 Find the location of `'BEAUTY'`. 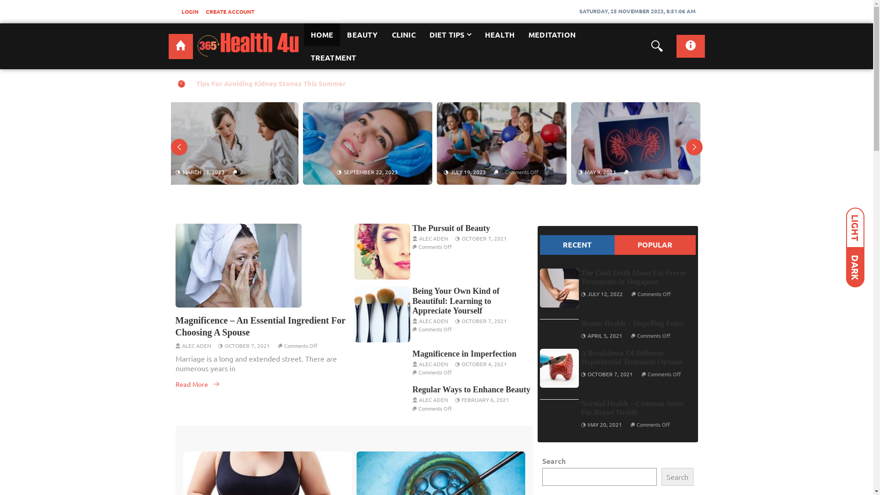

'BEAUTY' is located at coordinates (340, 34).